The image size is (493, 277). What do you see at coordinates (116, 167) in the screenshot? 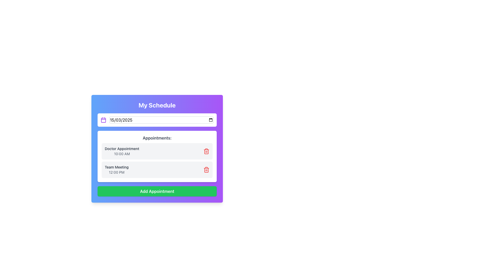
I see `the static text displaying 'Team Meeting' located above the text '12:00 PM' within the 'Appointments' section` at bounding box center [116, 167].